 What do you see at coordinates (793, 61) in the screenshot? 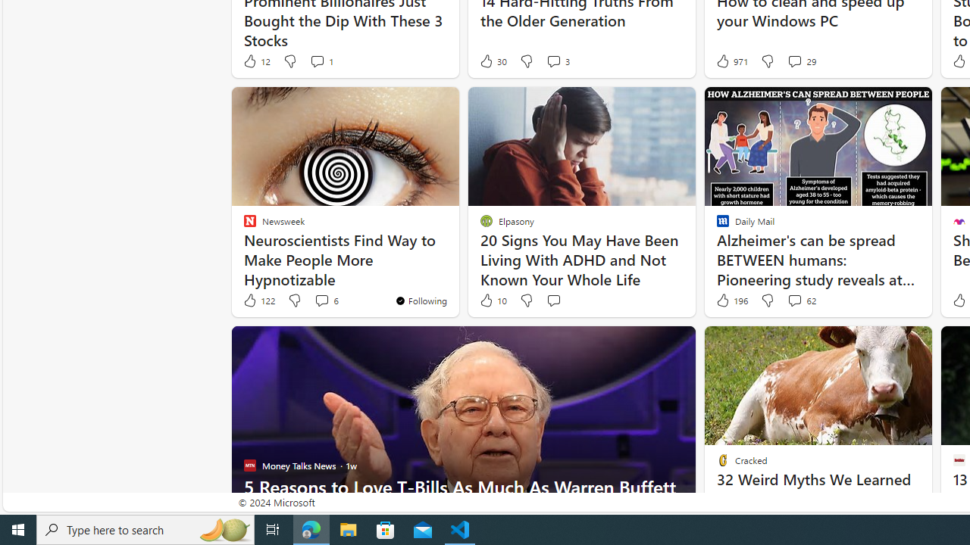
I see `'View comments 29 Comment'` at bounding box center [793, 61].